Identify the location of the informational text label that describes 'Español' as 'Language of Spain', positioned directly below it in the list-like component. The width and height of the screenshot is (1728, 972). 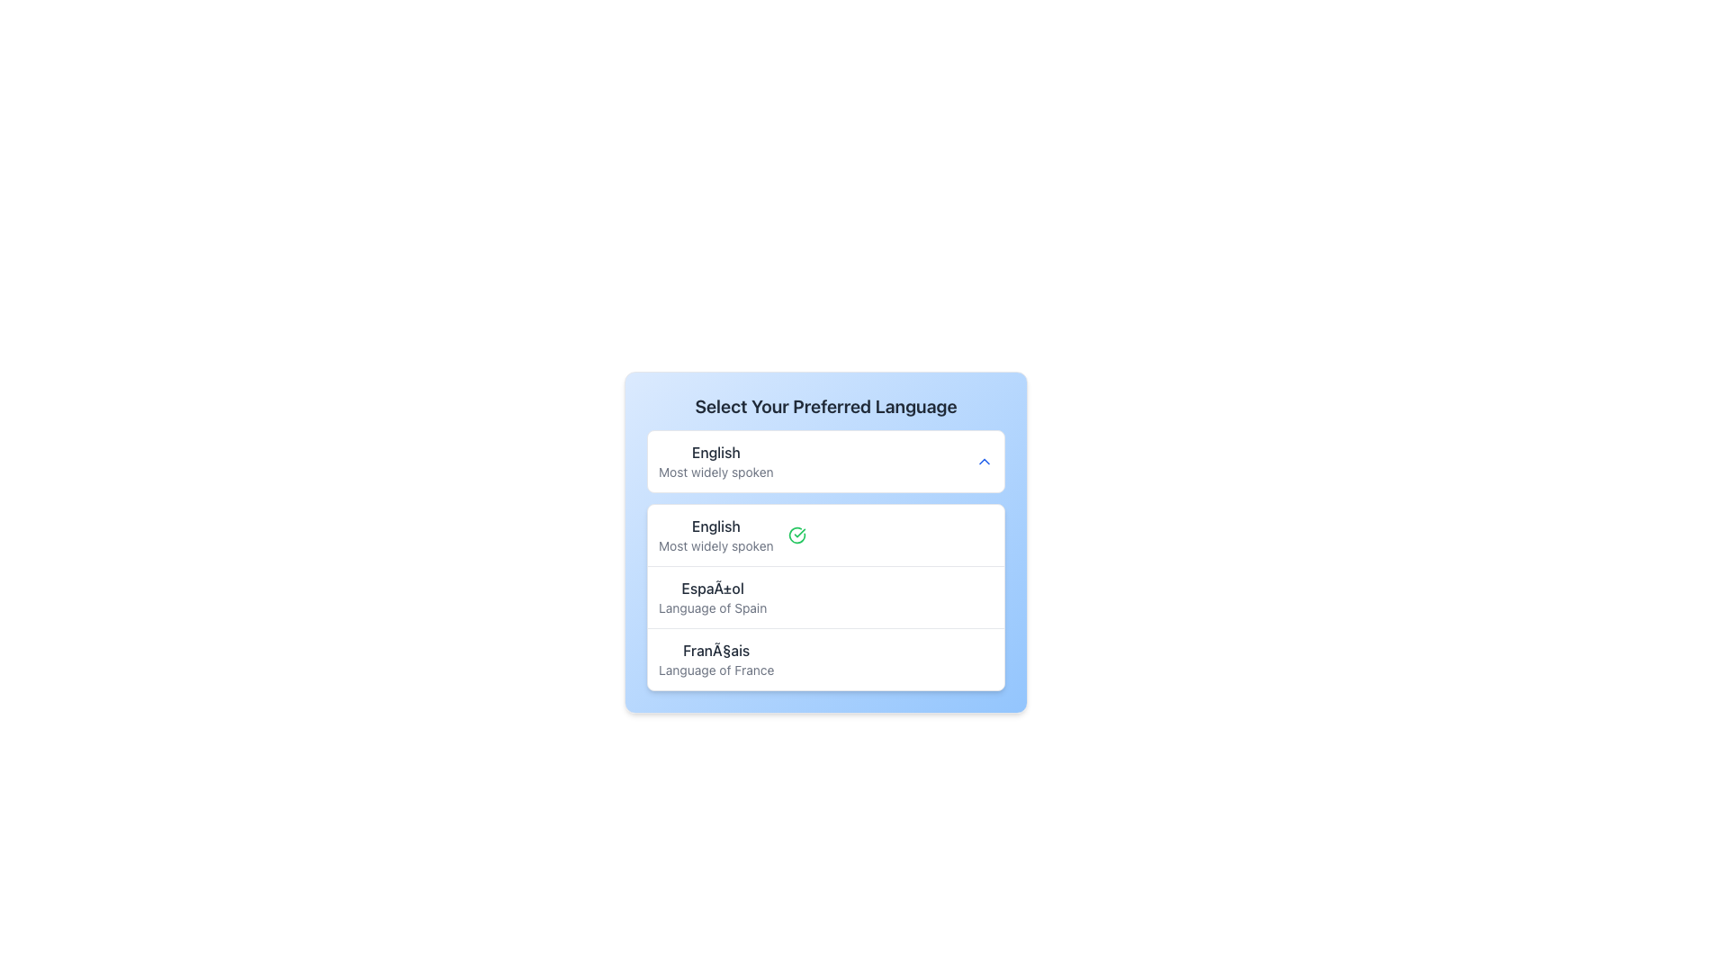
(712, 607).